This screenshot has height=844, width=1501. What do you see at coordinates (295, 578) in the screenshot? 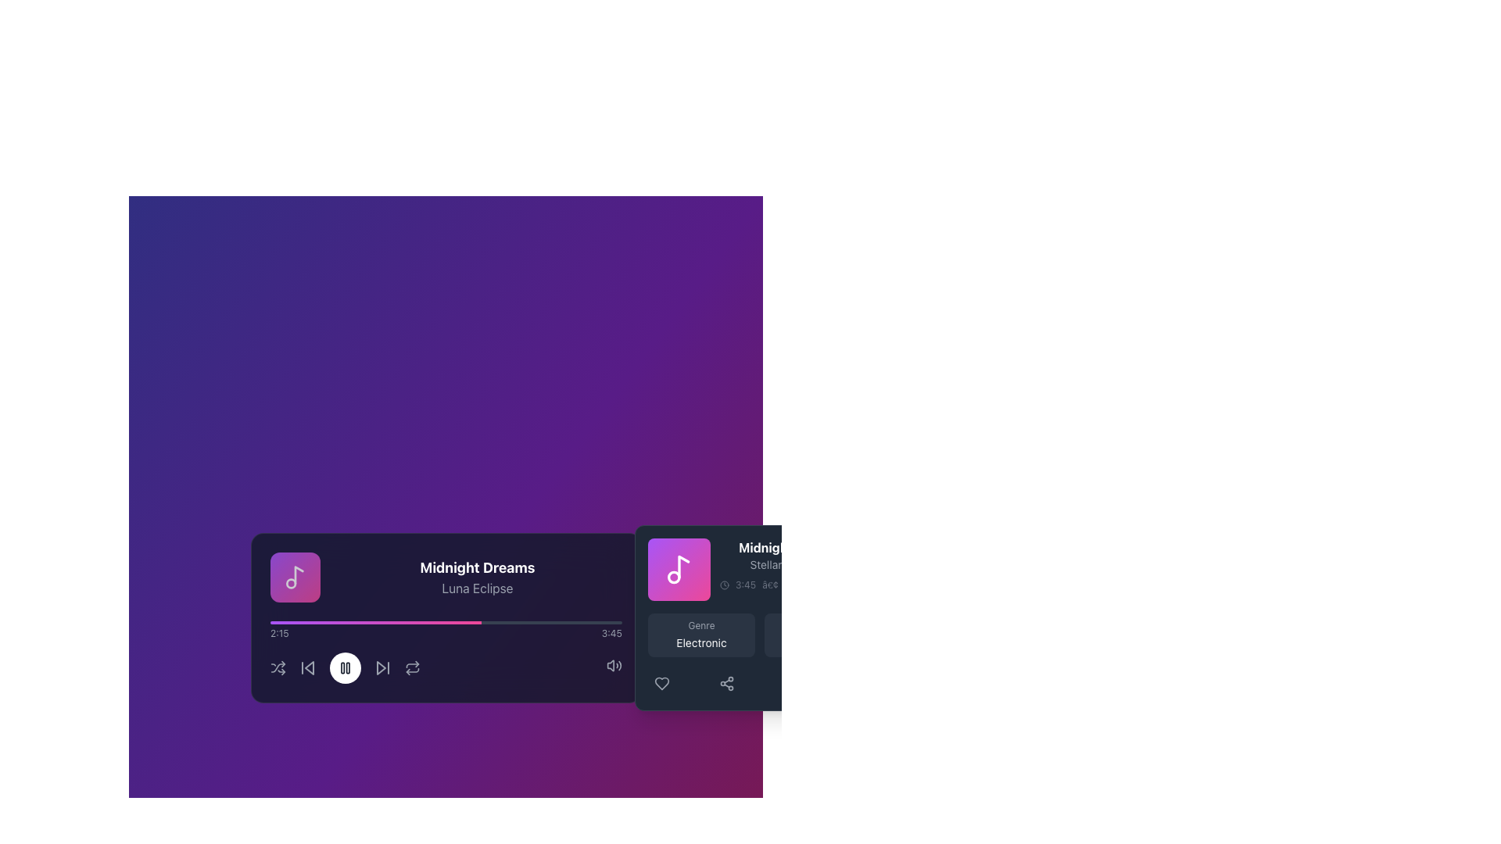
I see `the visual icon representing the music track, located at the far-left side of the music player interface, near the top-left, to identify the track` at bounding box center [295, 578].